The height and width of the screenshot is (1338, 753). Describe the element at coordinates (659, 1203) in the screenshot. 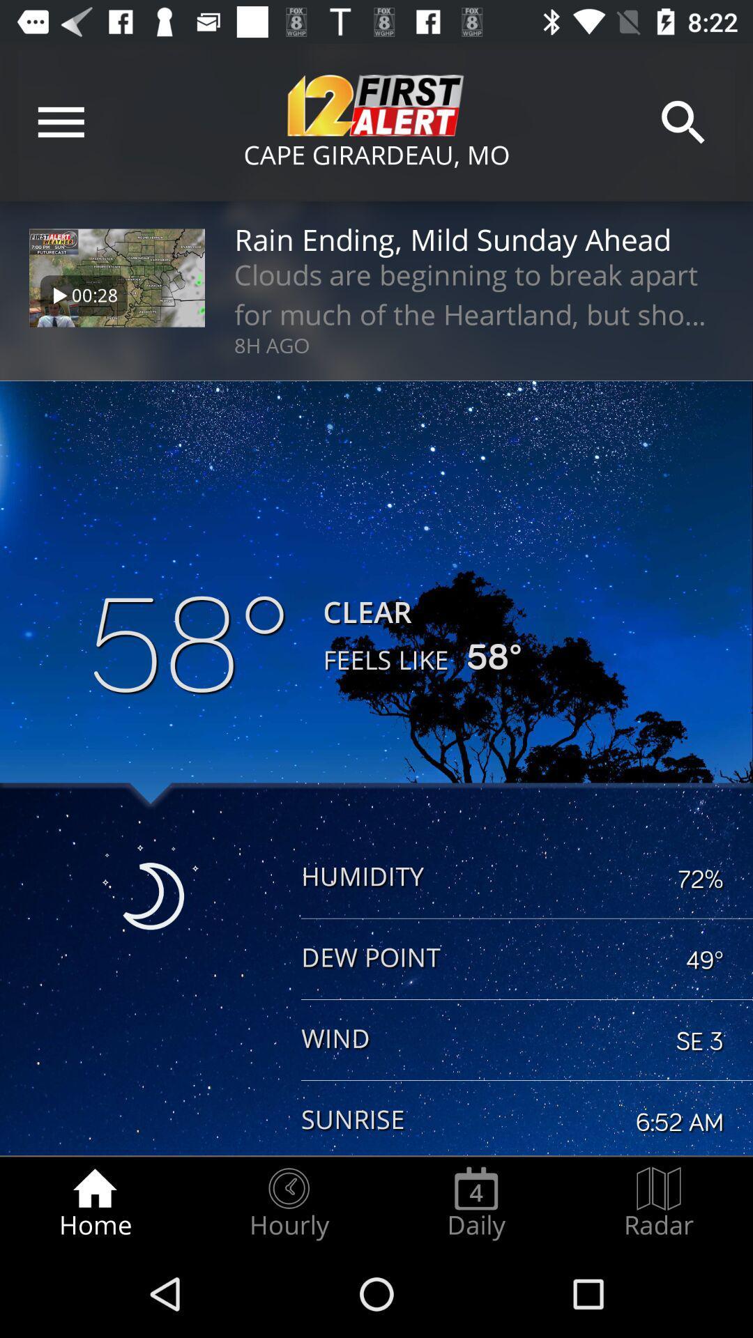

I see `the radio button to the right of the daily item` at that location.